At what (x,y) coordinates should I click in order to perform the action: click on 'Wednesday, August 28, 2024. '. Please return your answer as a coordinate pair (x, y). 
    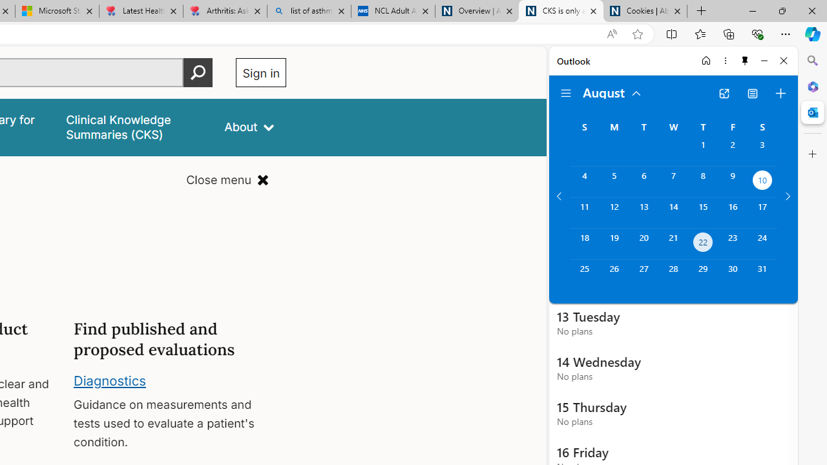
    Looking at the image, I should click on (673, 274).